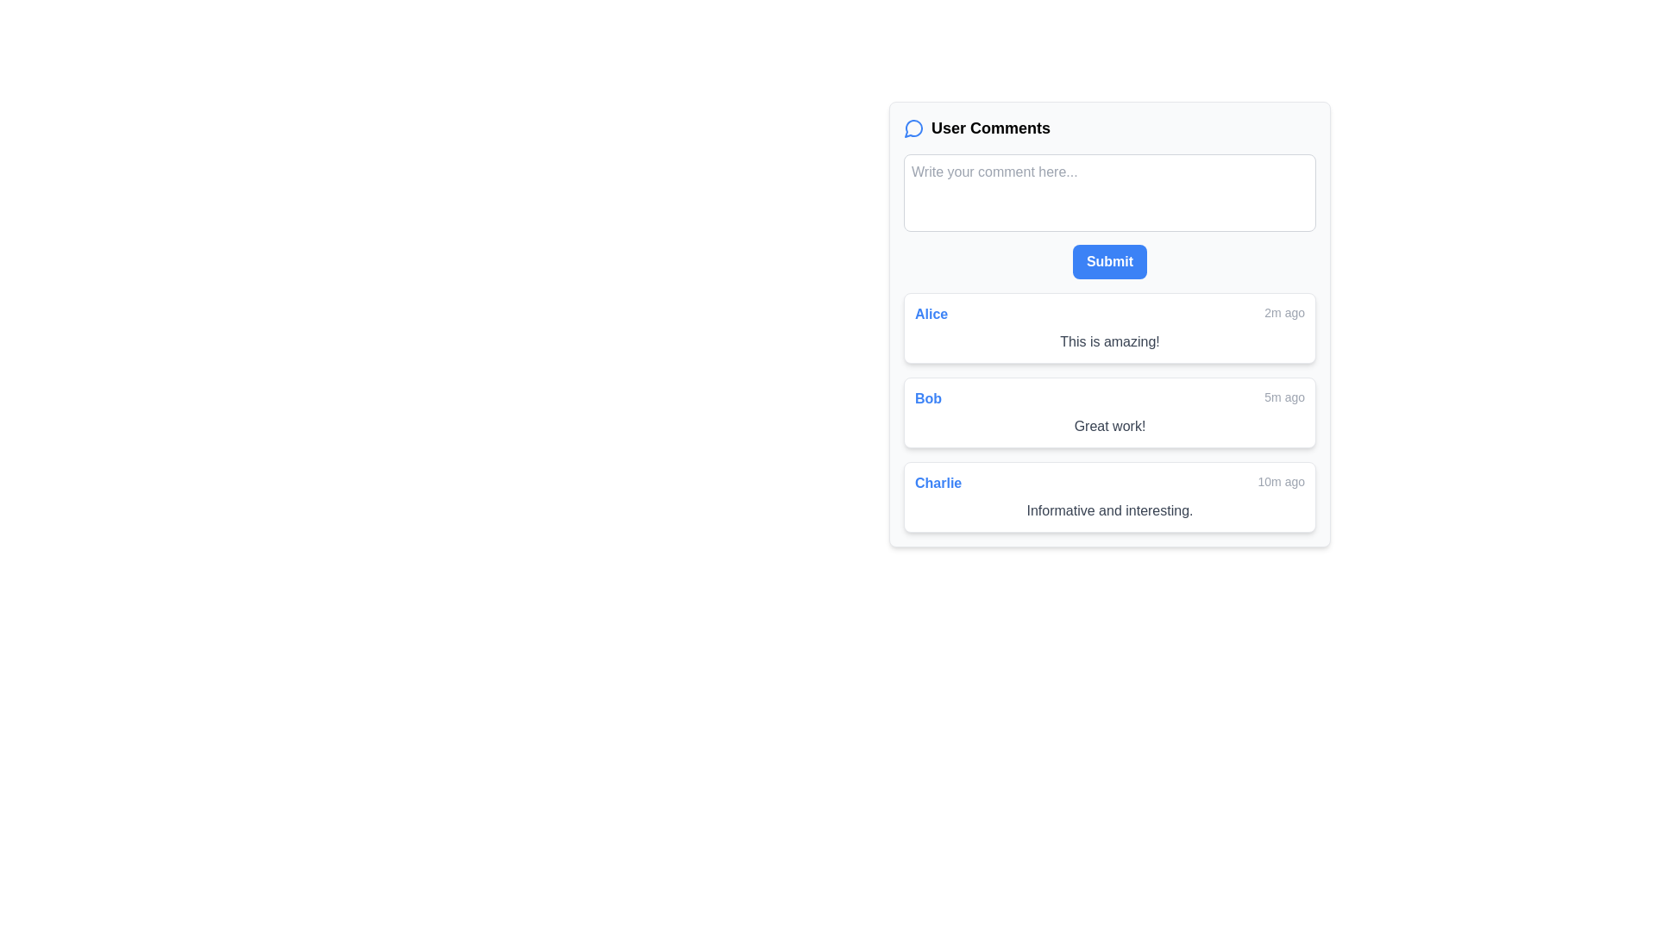 The height and width of the screenshot is (931, 1656). Describe the element at coordinates (1281, 483) in the screenshot. I see `the text label displaying '10m ago', which is positioned at the far-right end of a comment block adjacent to the blue-colored name label 'Charlie'` at that location.